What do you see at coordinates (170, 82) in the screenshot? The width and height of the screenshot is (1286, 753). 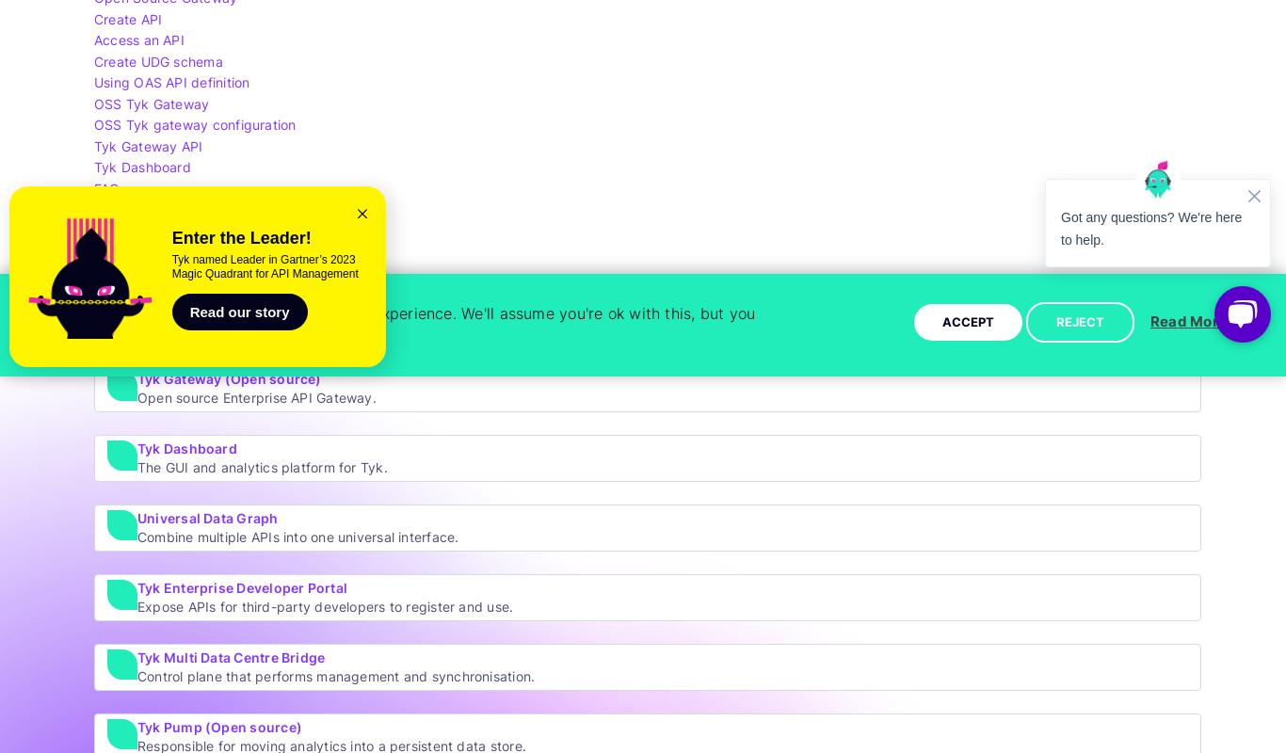 I see `'Using OAS API definition'` at bounding box center [170, 82].